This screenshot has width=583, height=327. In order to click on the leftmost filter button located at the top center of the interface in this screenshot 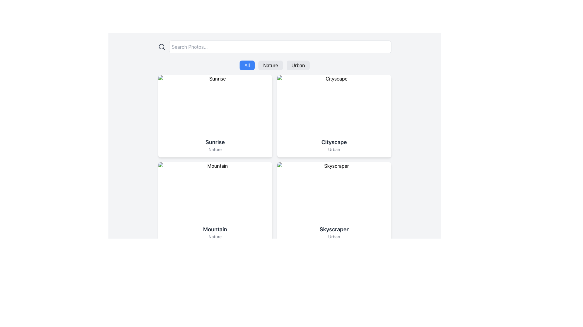, I will do `click(247, 65)`.